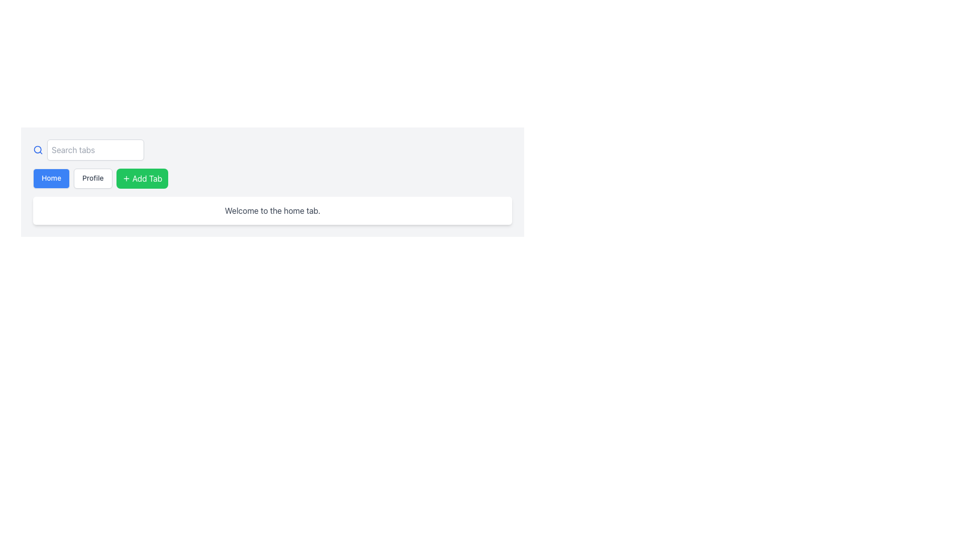 The width and height of the screenshot is (964, 542). Describe the element at coordinates (142, 178) in the screenshot. I see `the 'Add Tab' button, which is the third button in a horizontal group of buttons, positioned between the search bar above and a white content area below` at that location.